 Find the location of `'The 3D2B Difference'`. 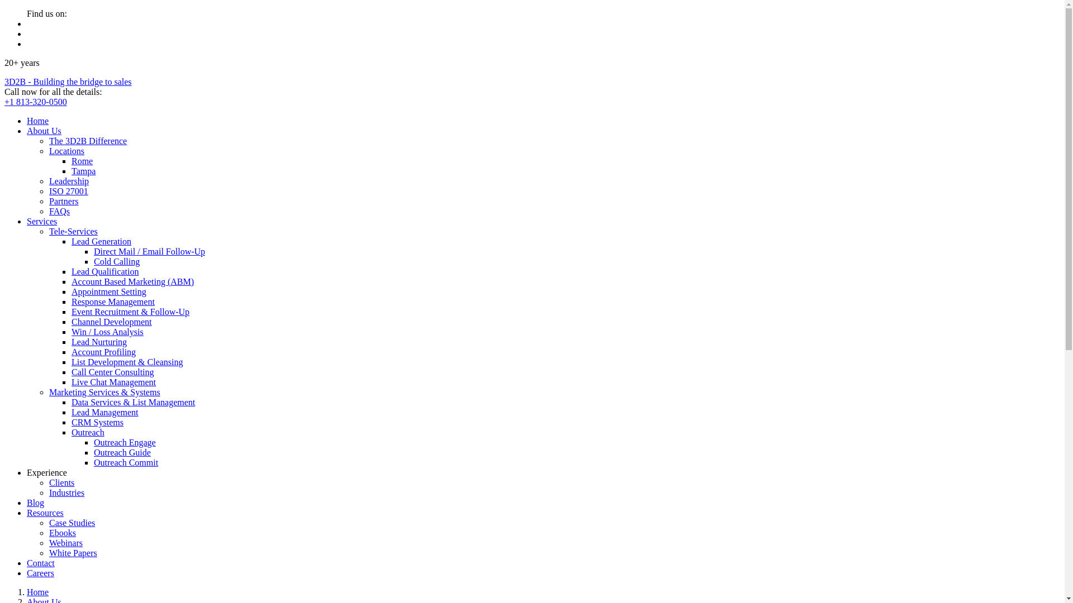

'The 3D2B Difference' is located at coordinates (87, 140).